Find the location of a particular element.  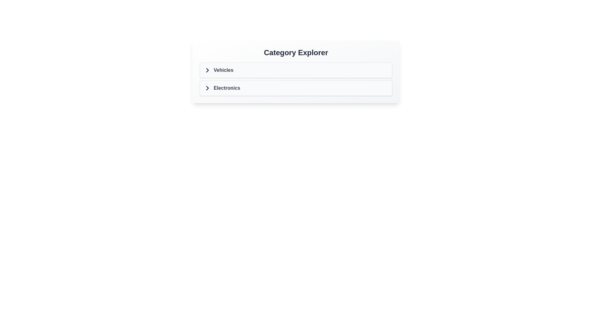

the right-pointing chevron icon located in the 'Vehicles' category of the 'Category Explorer' list is located at coordinates (207, 70).